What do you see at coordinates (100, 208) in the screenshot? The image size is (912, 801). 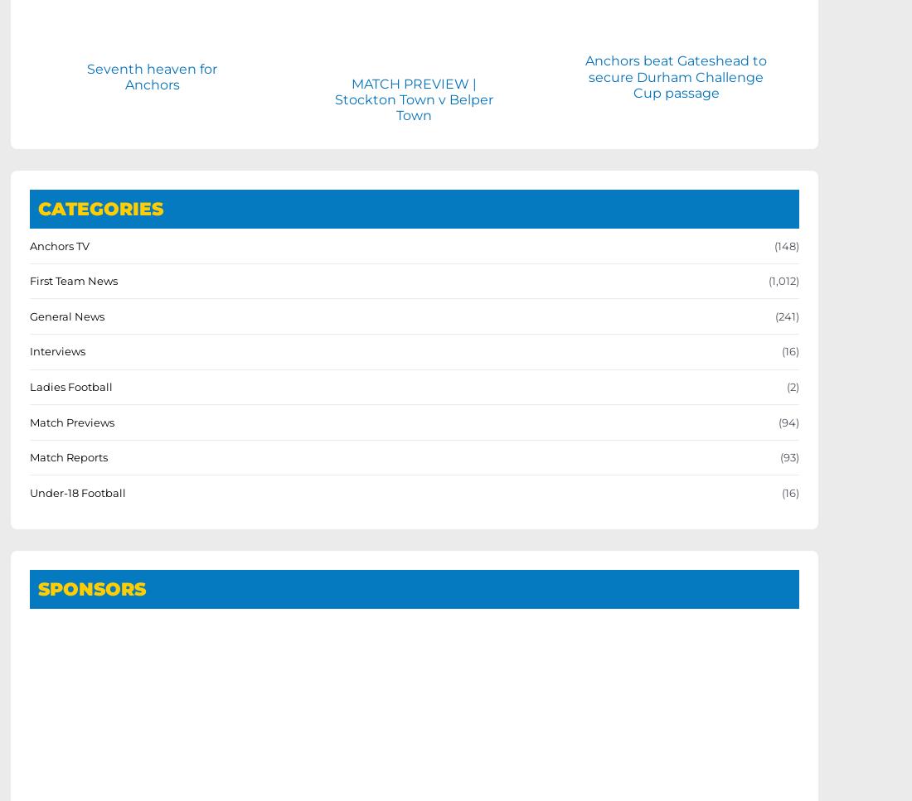 I see `'CATEGORIES'` at bounding box center [100, 208].